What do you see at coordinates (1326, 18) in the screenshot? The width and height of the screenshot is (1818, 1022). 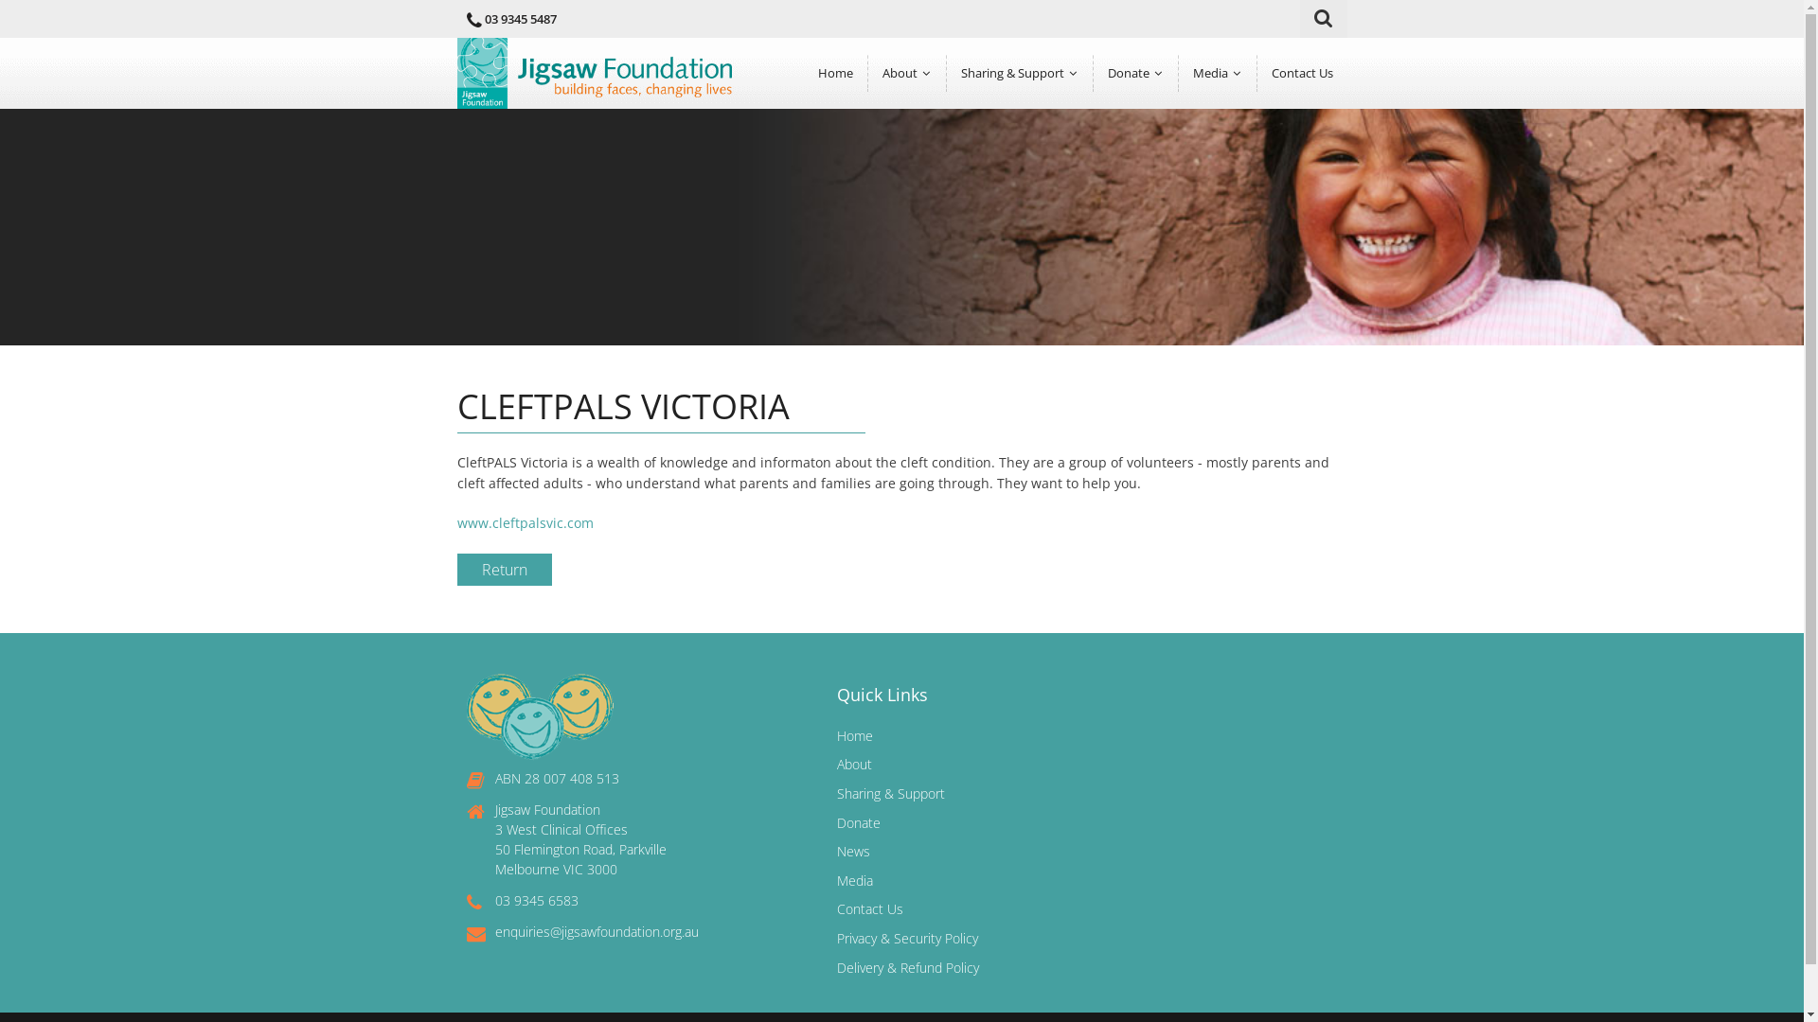 I see `'Search'` at bounding box center [1326, 18].